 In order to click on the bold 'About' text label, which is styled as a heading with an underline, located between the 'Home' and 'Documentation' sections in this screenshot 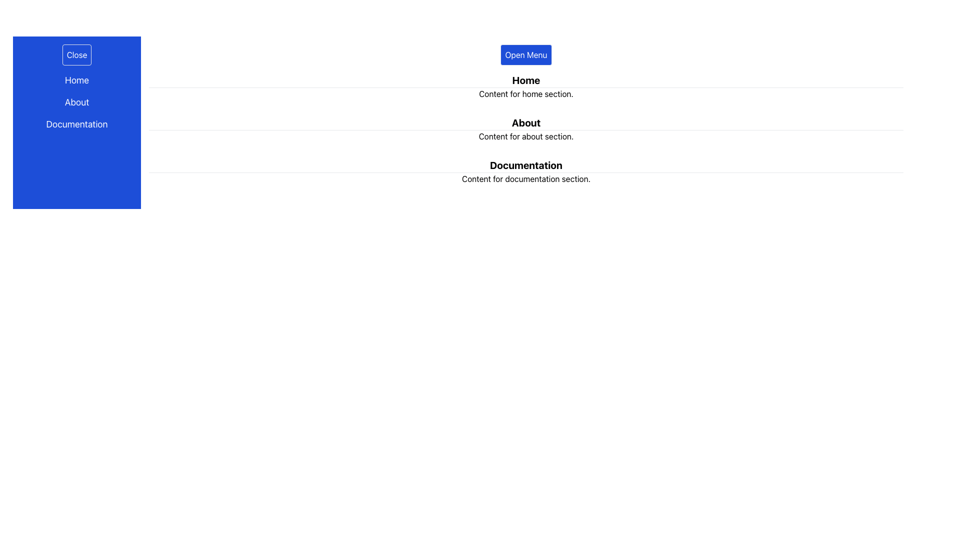, I will do `click(525, 122)`.